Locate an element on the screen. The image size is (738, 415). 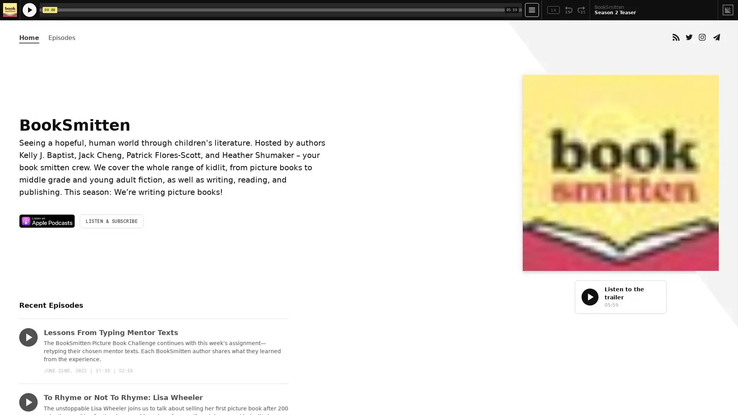
Rewind 15 Seconds is located at coordinates (568, 10).